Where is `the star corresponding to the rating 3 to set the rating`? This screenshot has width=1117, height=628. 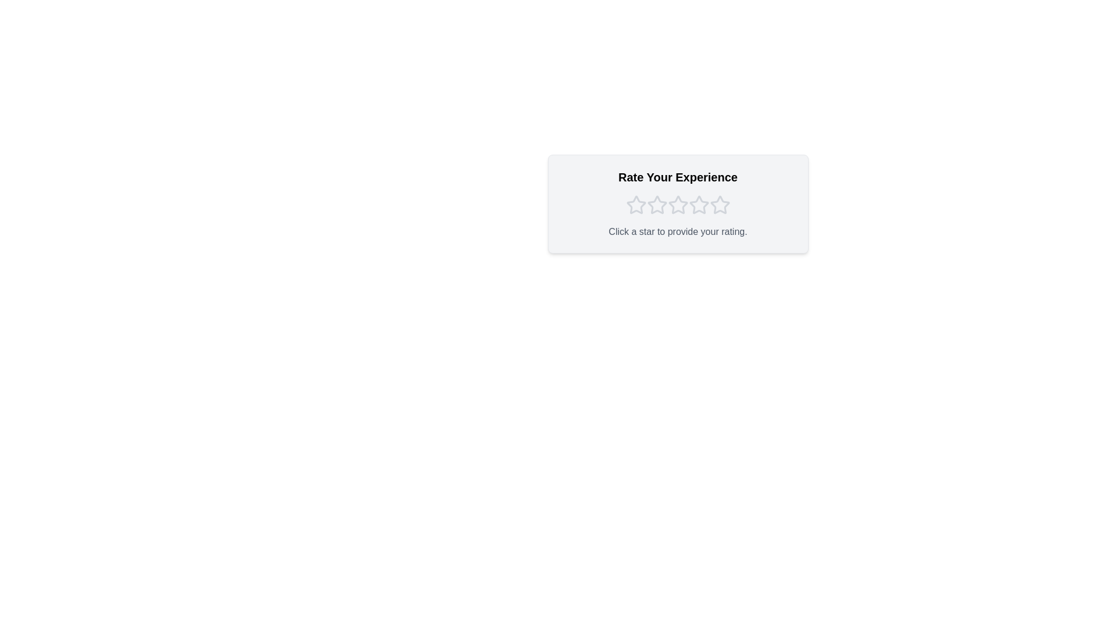
the star corresponding to the rating 3 to set the rating is located at coordinates (678, 205).